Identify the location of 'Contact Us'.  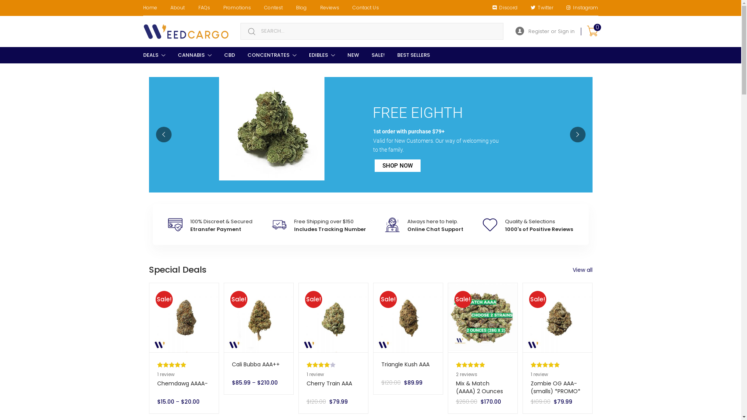
(345, 7).